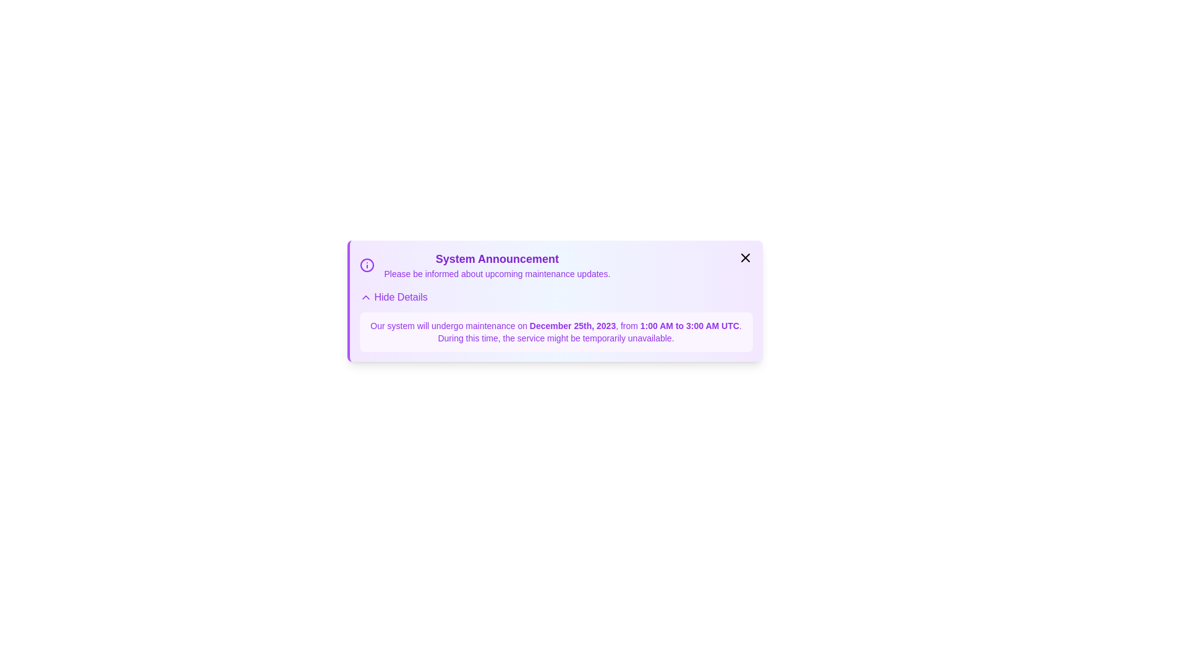  Describe the element at coordinates (555, 331) in the screenshot. I see `notification message displayed in the text block that informs users about upcoming maintenance and its potential impact` at that location.